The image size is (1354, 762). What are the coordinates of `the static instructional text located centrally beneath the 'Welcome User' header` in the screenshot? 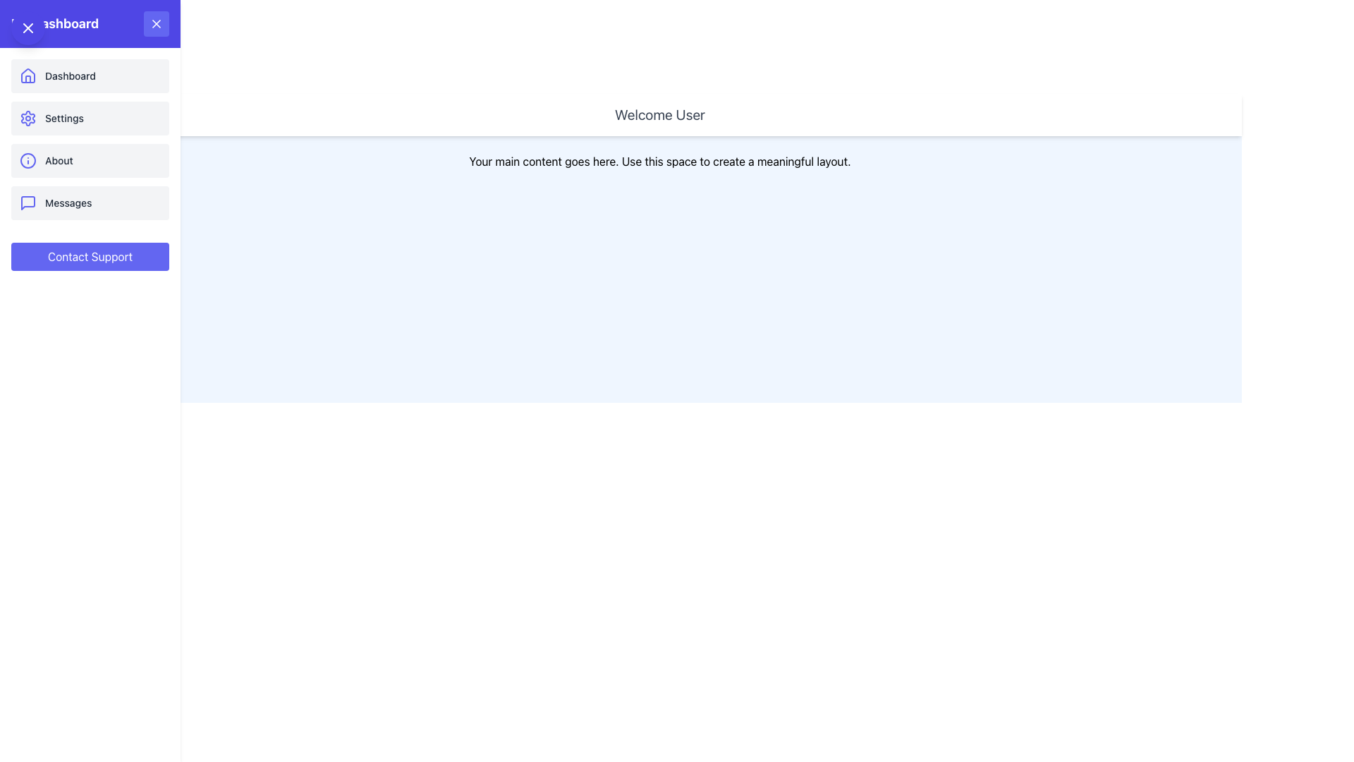 It's located at (659, 160).